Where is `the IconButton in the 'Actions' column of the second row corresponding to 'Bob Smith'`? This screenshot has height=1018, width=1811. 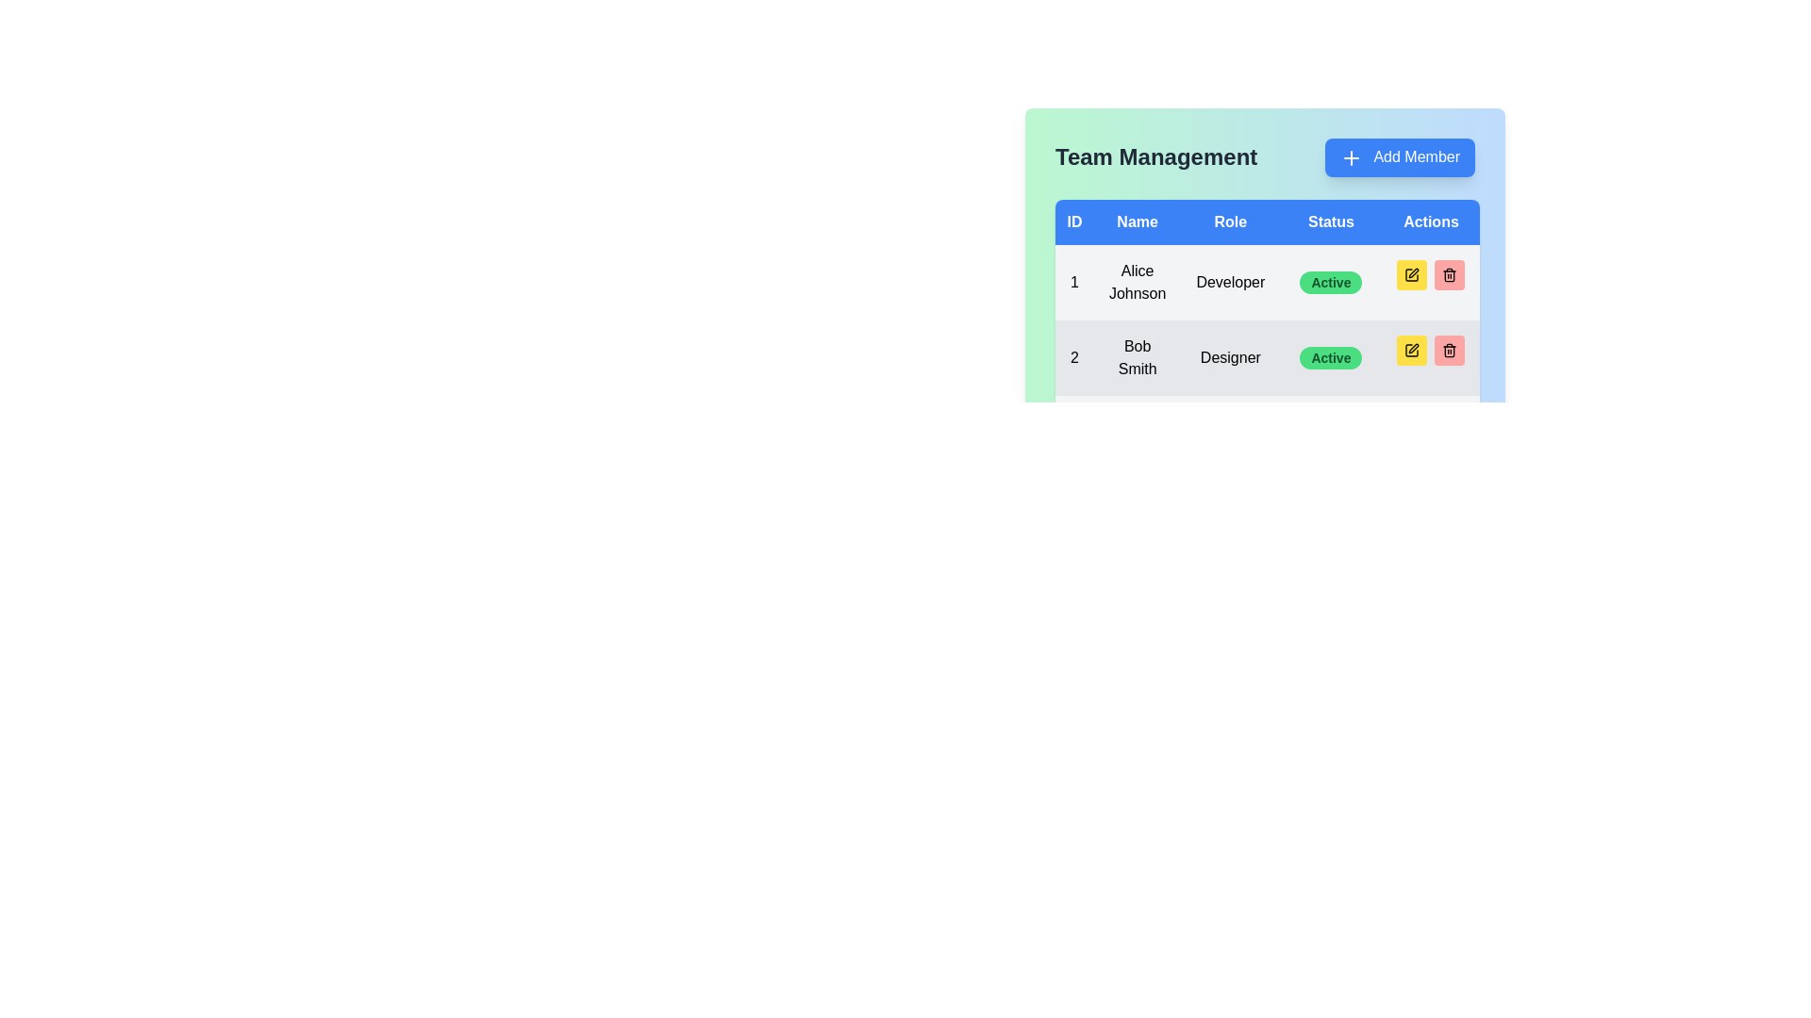 the IconButton in the 'Actions' column of the second row corresponding to 'Bob Smith' is located at coordinates (1449, 350).